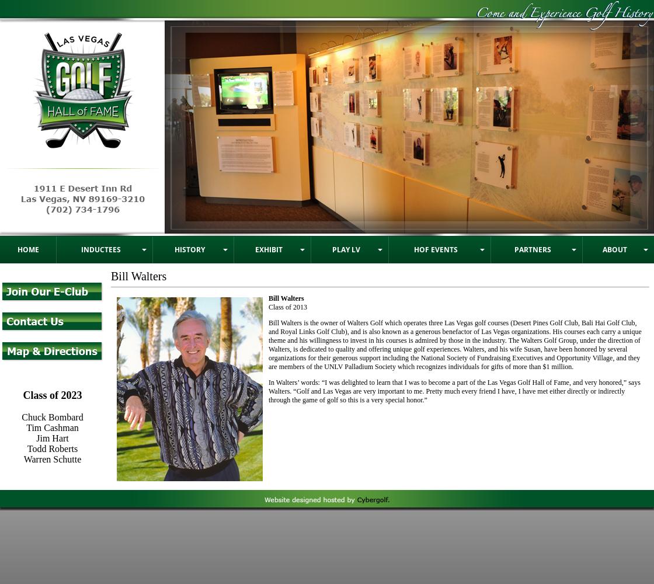  Describe the element at coordinates (27, 249) in the screenshot. I see `'Home'` at that location.